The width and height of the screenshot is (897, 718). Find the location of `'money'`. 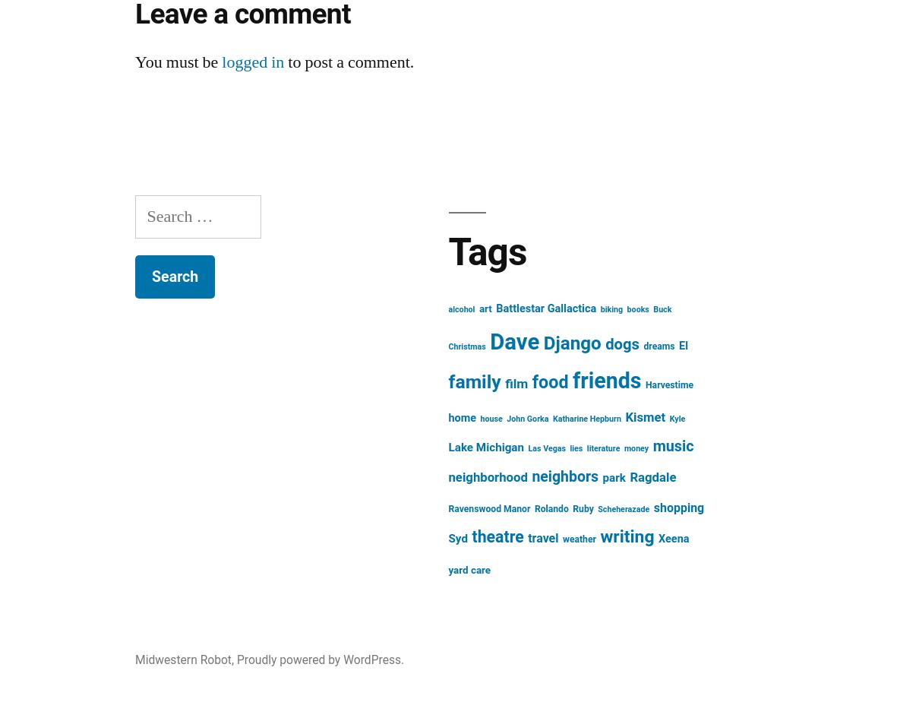

'money' is located at coordinates (636, 448).